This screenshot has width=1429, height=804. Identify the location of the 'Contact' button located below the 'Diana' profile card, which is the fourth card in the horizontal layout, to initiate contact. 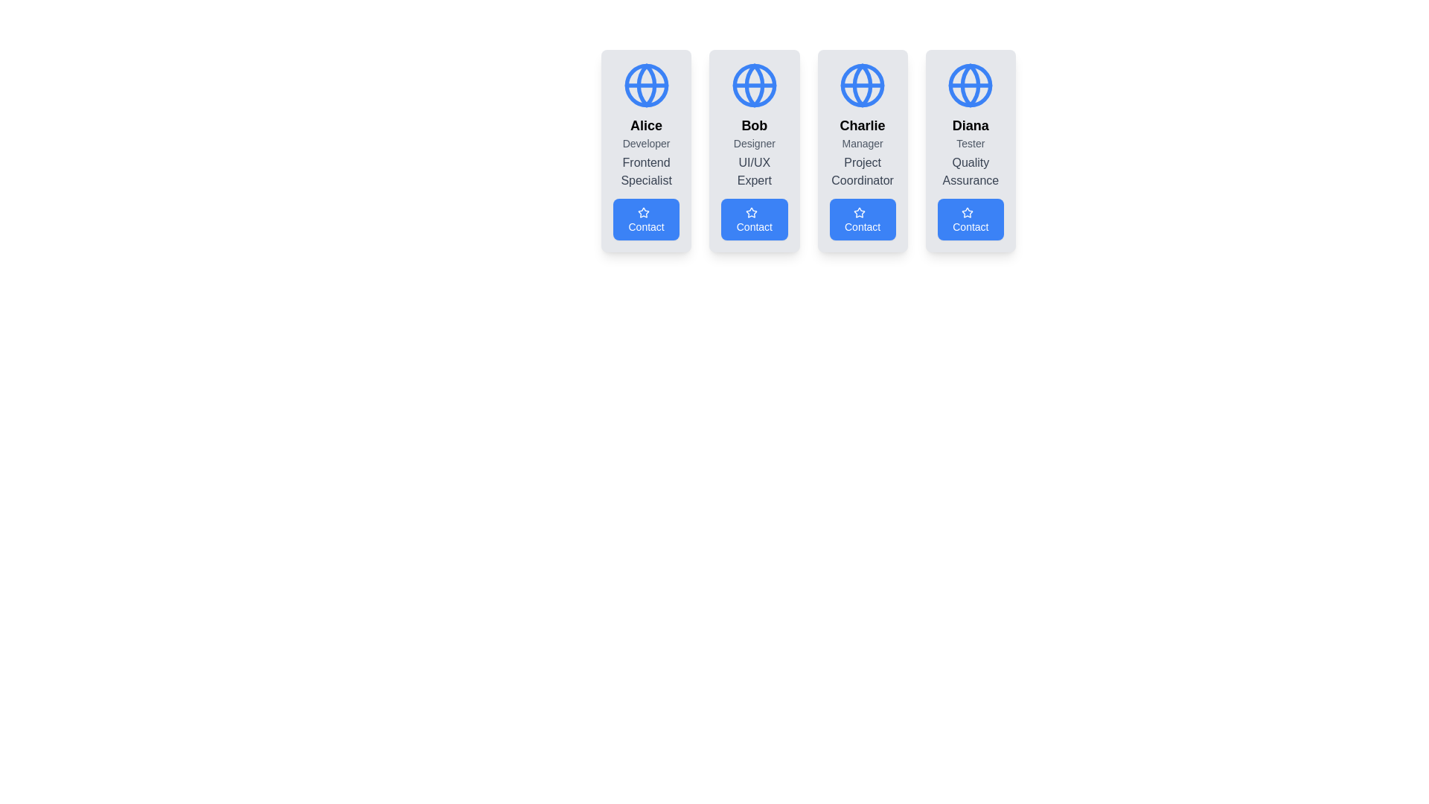
(971, 219).